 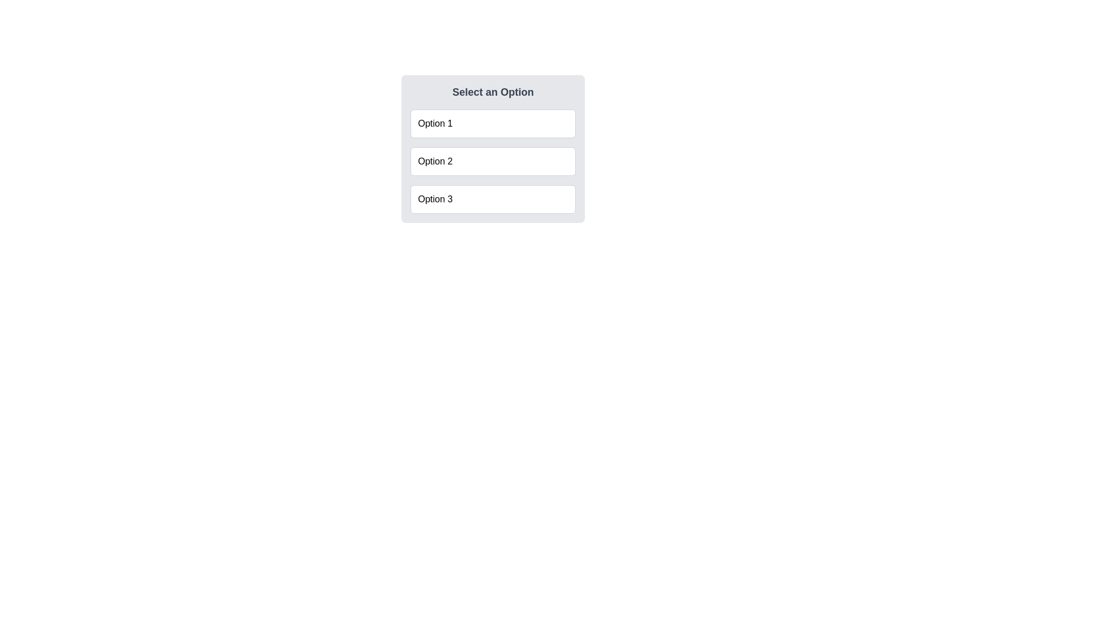 What do you see at coordinates (435, 198) in the screenshot?
I see `the text label for the third selectable option, which is centered below 'Option 2' in a vertically stacked list of options` at bounding box center [435, 198].